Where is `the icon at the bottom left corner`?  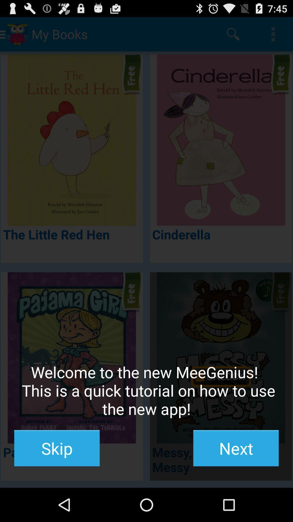 the icon at the bottom left corner is located at coordinates (57, 448).